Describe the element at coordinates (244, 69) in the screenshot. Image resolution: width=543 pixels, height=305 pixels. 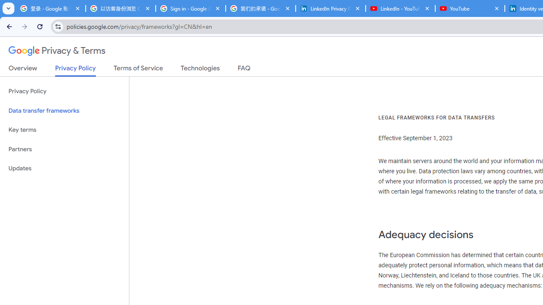
I see `'FAQ'` at that location.